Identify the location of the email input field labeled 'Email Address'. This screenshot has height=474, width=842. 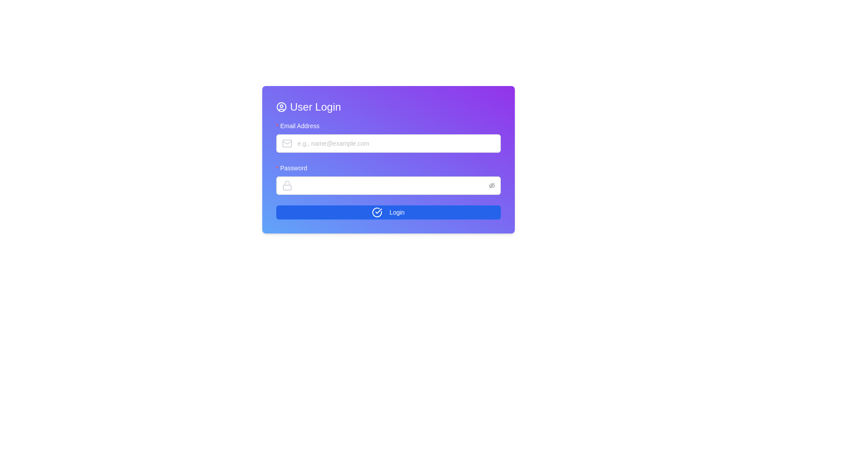
(388, 137).